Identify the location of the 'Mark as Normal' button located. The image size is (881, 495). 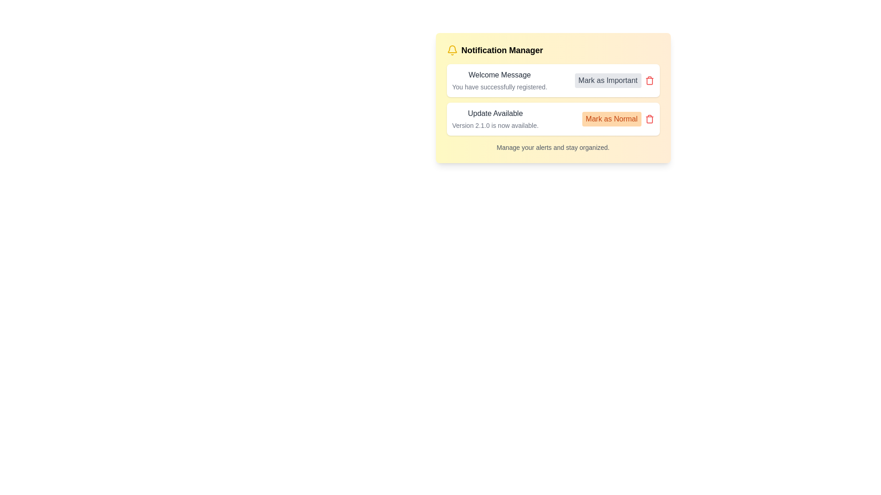
(618, 118).